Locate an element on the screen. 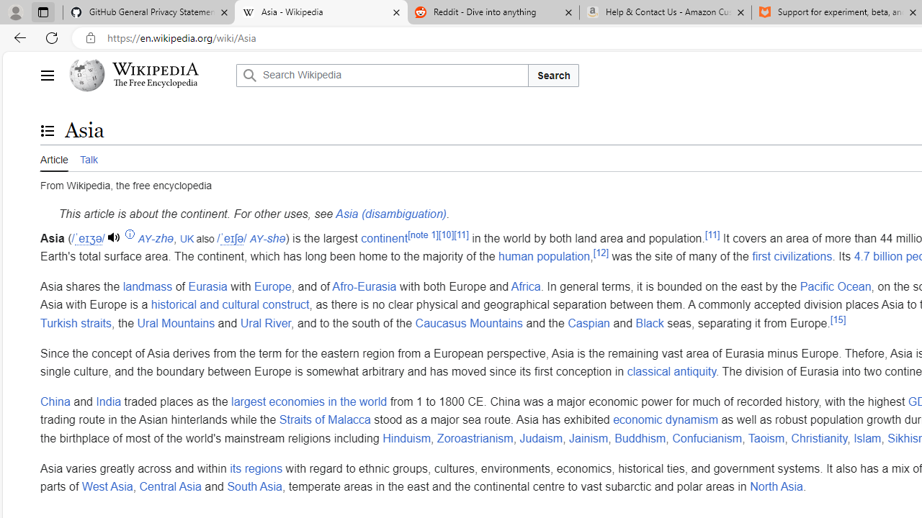 This screenshot has height=518, width=922. 'Buddhism' is located at coordinates (639, 437).